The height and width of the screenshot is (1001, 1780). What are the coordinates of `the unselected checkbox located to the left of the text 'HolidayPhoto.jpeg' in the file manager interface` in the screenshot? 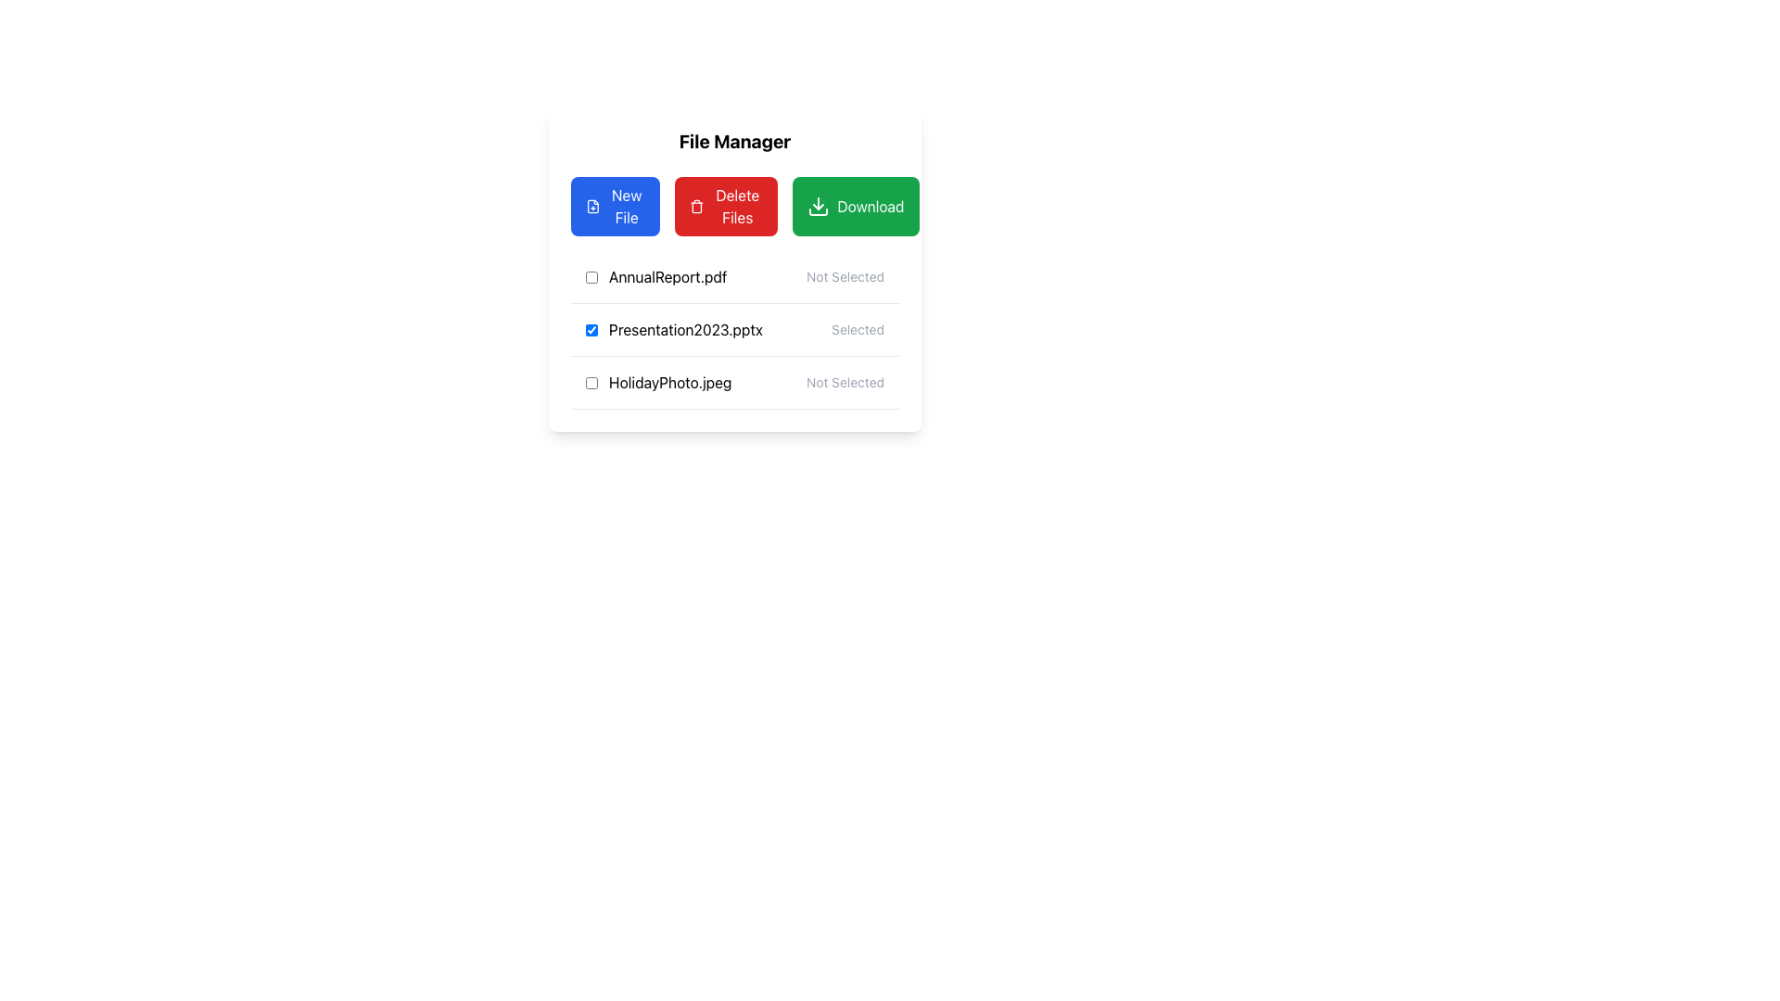 It's located at (591, 381).